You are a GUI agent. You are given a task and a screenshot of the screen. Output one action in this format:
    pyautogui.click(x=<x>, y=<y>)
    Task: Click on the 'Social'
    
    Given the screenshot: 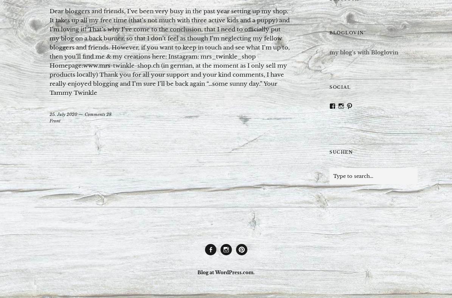 What is the action you would take?
    pyautogui.click(x=329, y=86)
    